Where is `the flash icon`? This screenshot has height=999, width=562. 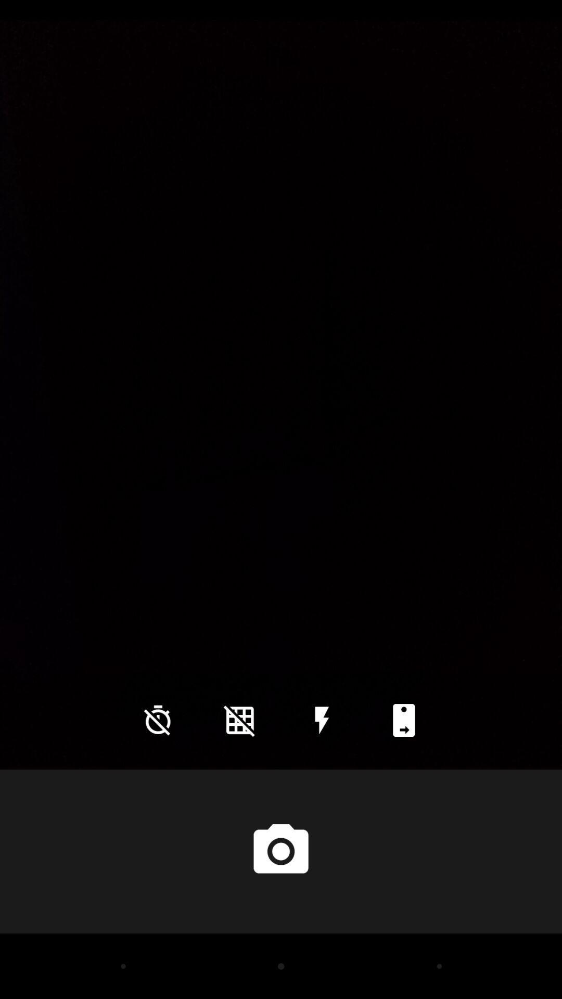 the flash icon is located at coordinates (321, 720).